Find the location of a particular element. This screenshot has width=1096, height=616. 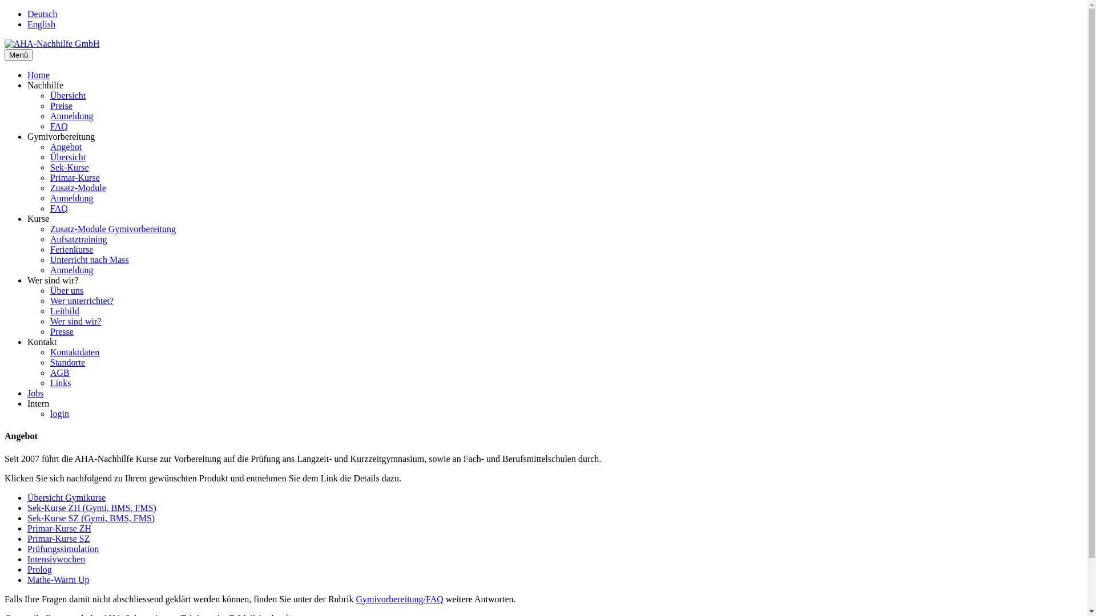

'Sek-Kurse ZH (Gymi, BMS, FMS)' is located at coordinates (27, 507).